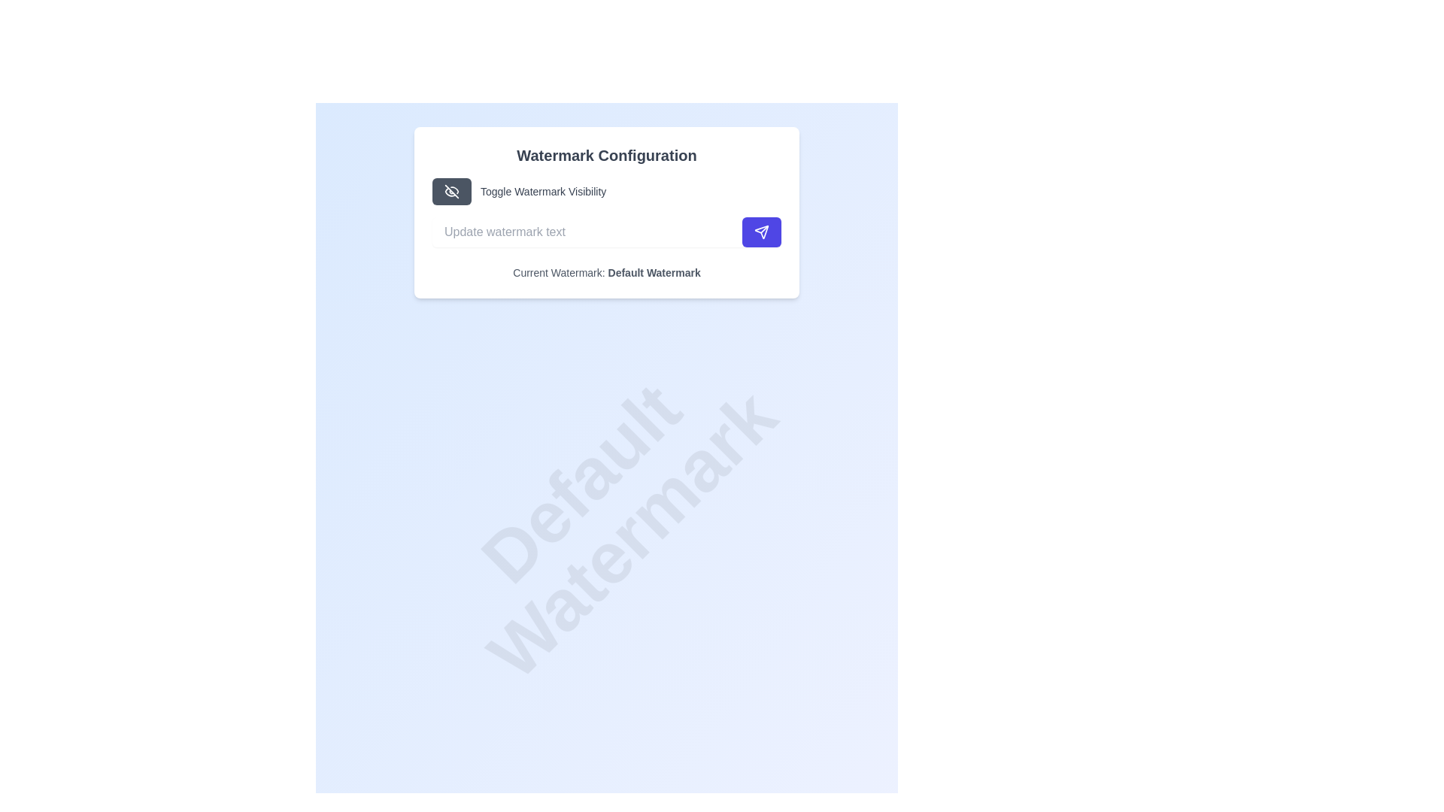  I want to click on the action button located to the right of the 'Update watermark text' field, so click(761, 232).